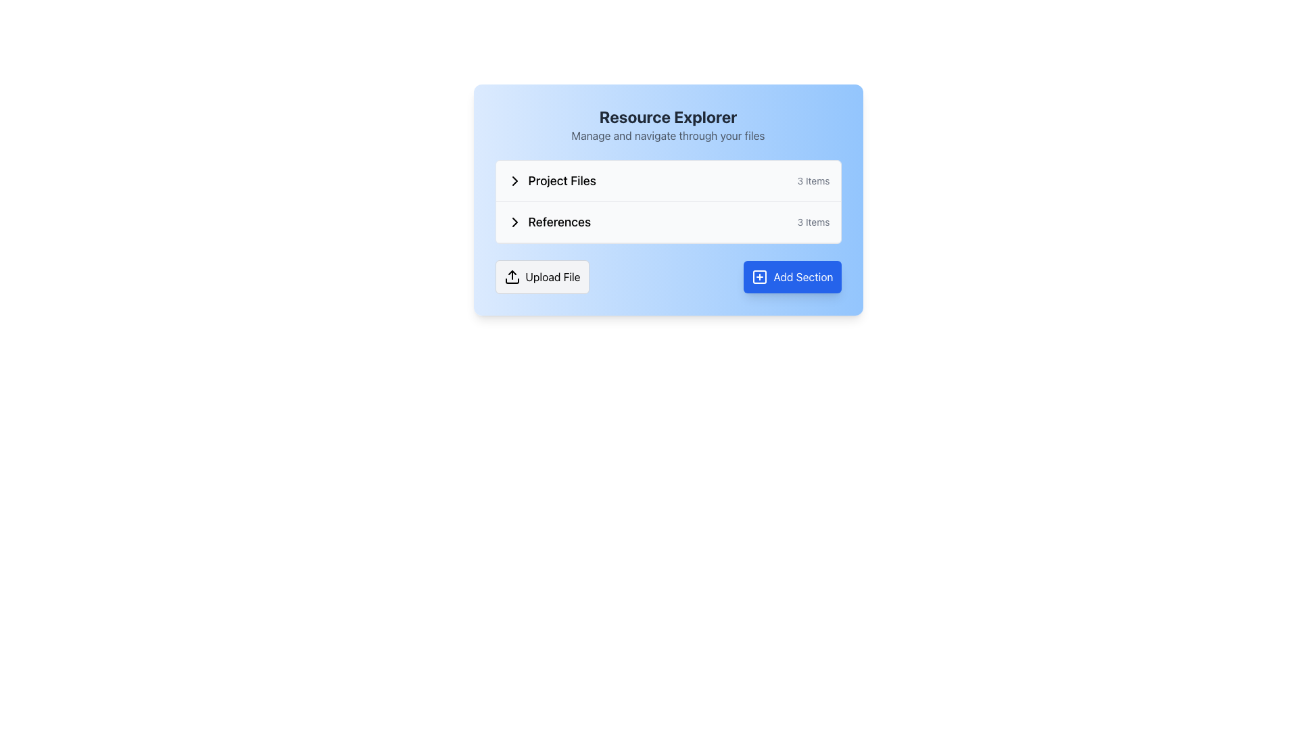  I want to click on the text label displaying '3 Items' in small gray font, part of the 'Project Files' row on the right side, so click(813, 180).